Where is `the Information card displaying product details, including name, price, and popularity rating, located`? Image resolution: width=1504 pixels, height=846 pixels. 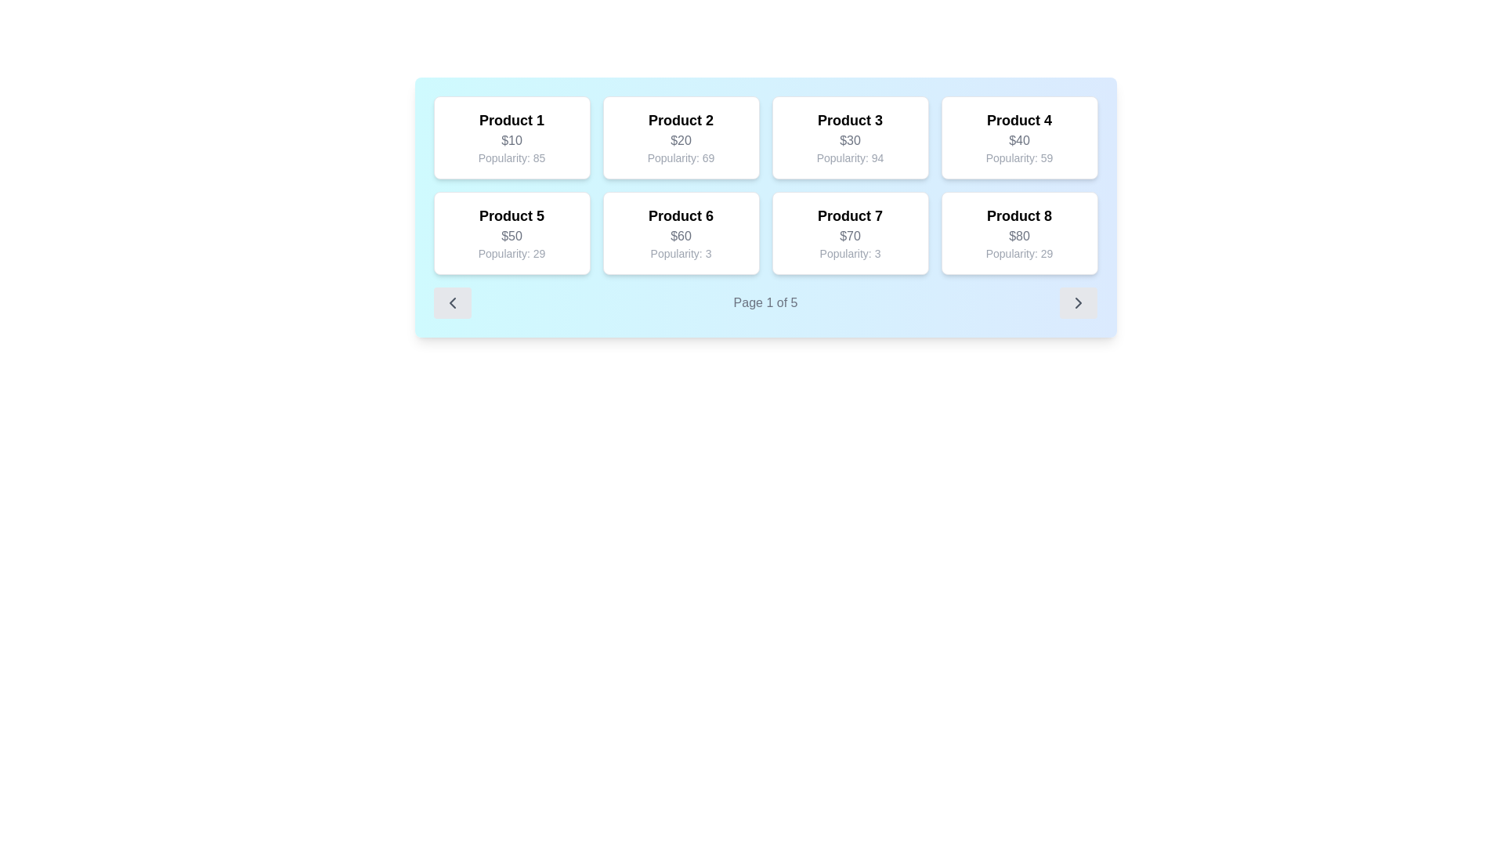
the Information card displaying product details, including name, price, and popularity rating, located is located at coordinates (681, 233).